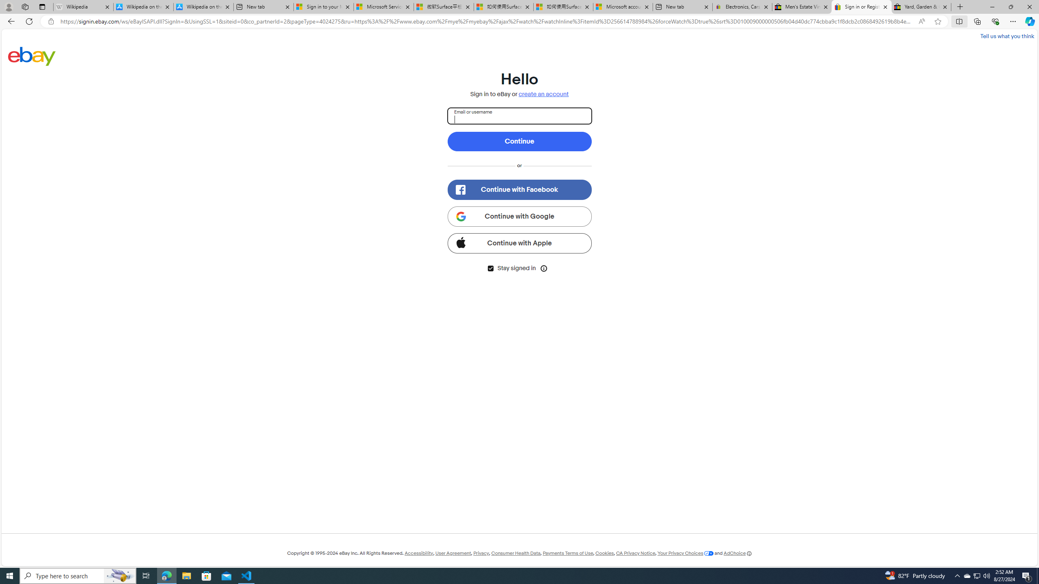 This screenshot has height=584, width=1039. What do you see at coordinates (453, 553) in the screenshot?
I see `'User Agreement'` at bounding box center [453, 553].